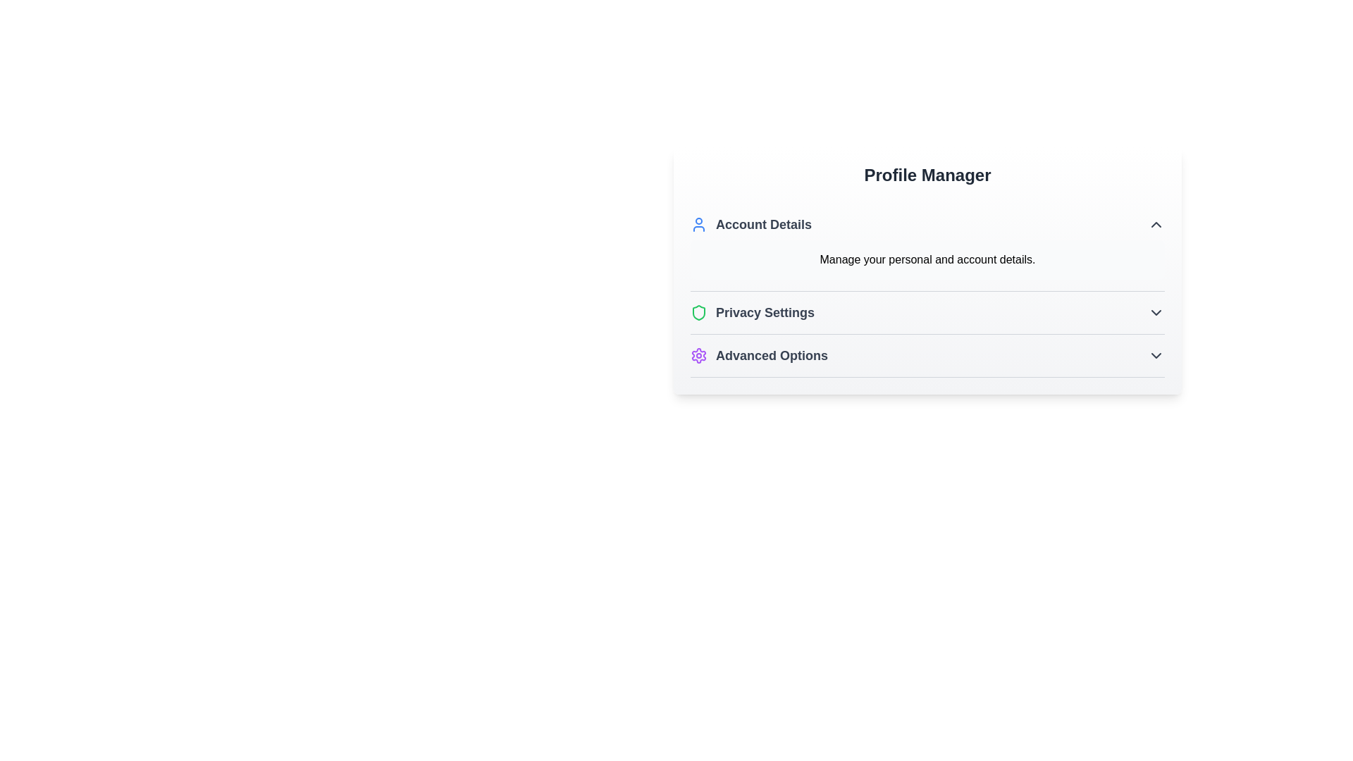 This screenshot has height=761, width=1353. What do you see at coordinates (699, 224) in the screenshot?
I see `the blue outlined user icon that is positioned to the left of the 'Account Details' text` at bounding box center [699, 224].